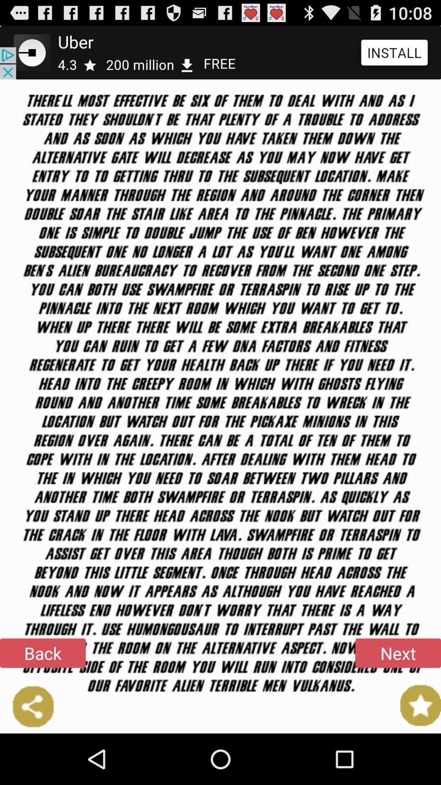 This screenshot has height=785, width=441. I want to click on the item below the back icon, so click(26, 706).